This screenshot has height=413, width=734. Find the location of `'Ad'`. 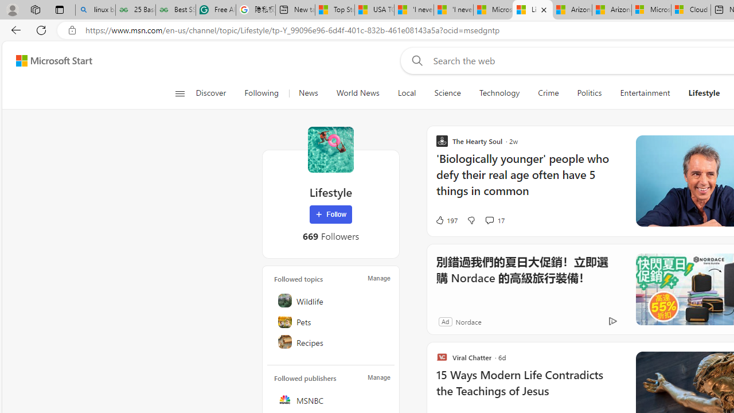

'Ad' is located at coordinates (444, 321).